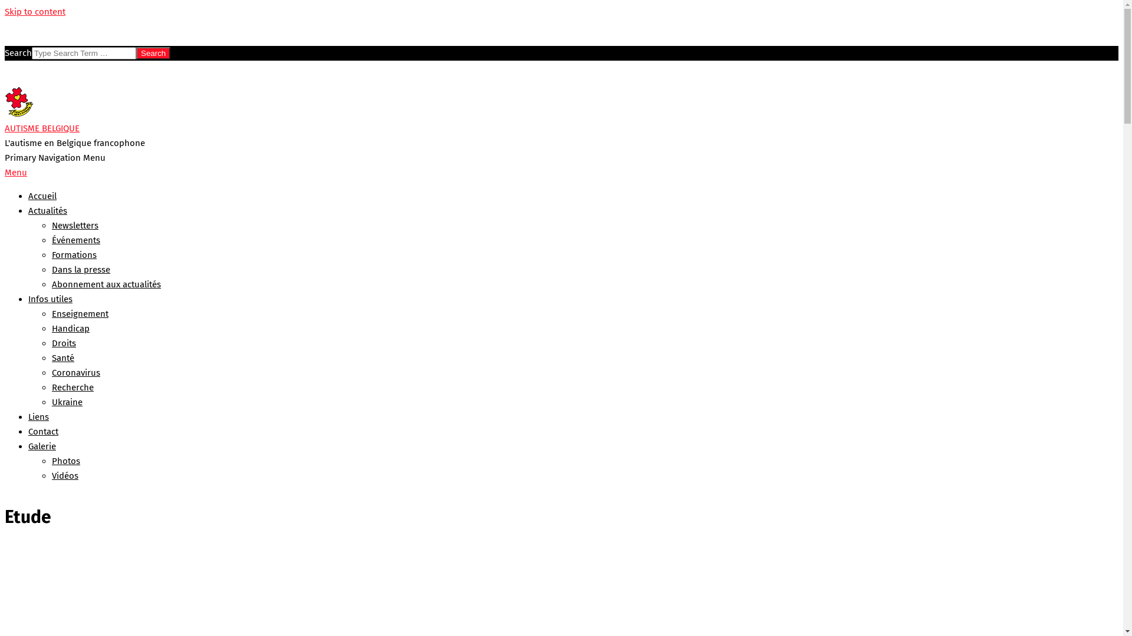 This screenshot has height=636, width=1132. What do you see at coordinates (73, 254) in the screenshot?
I see `'Formations'` at bounding box center [73, 254].